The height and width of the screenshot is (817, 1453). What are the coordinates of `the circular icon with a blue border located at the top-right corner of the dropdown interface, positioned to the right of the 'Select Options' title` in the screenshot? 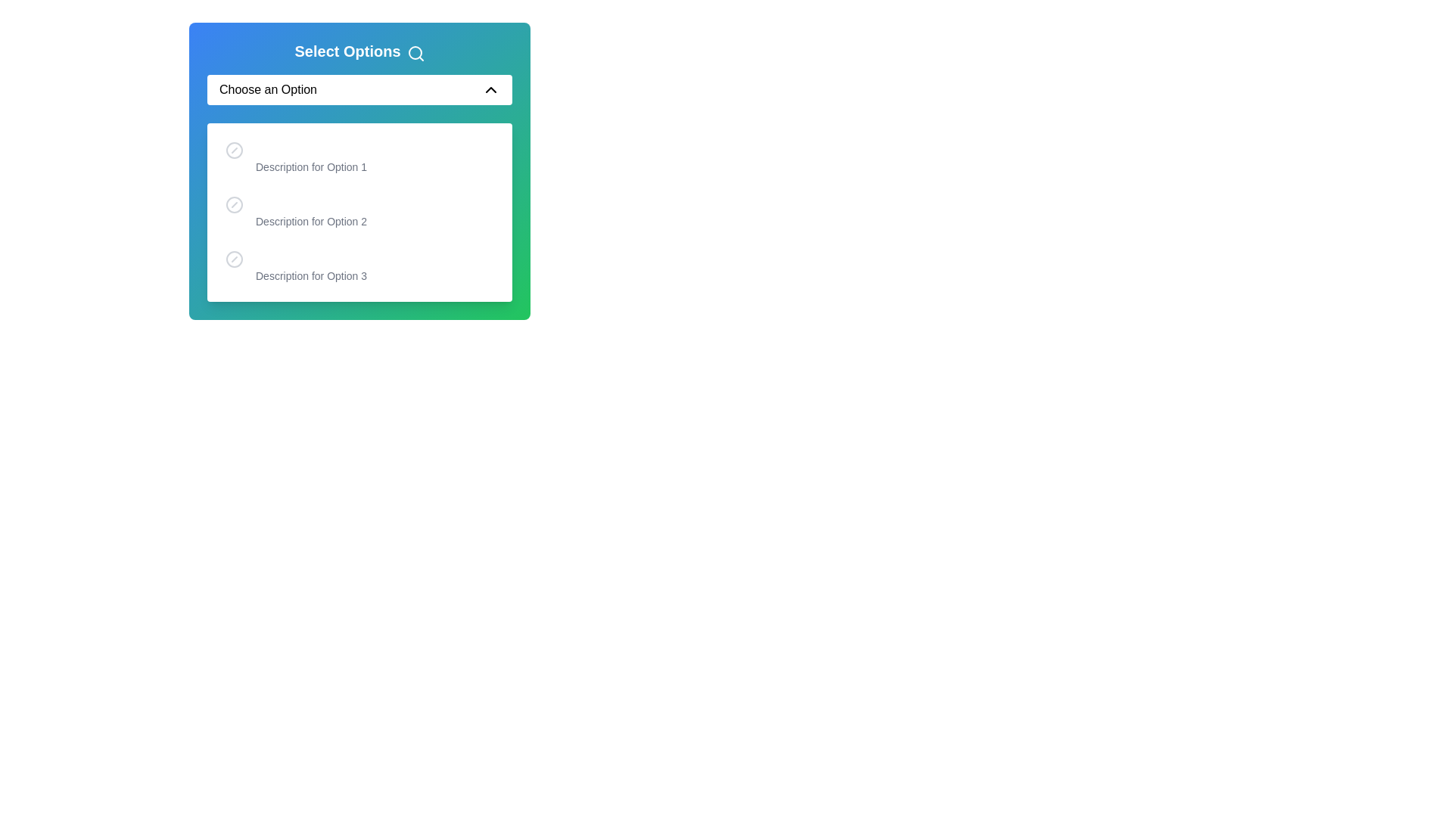 It's located at (415, 51).